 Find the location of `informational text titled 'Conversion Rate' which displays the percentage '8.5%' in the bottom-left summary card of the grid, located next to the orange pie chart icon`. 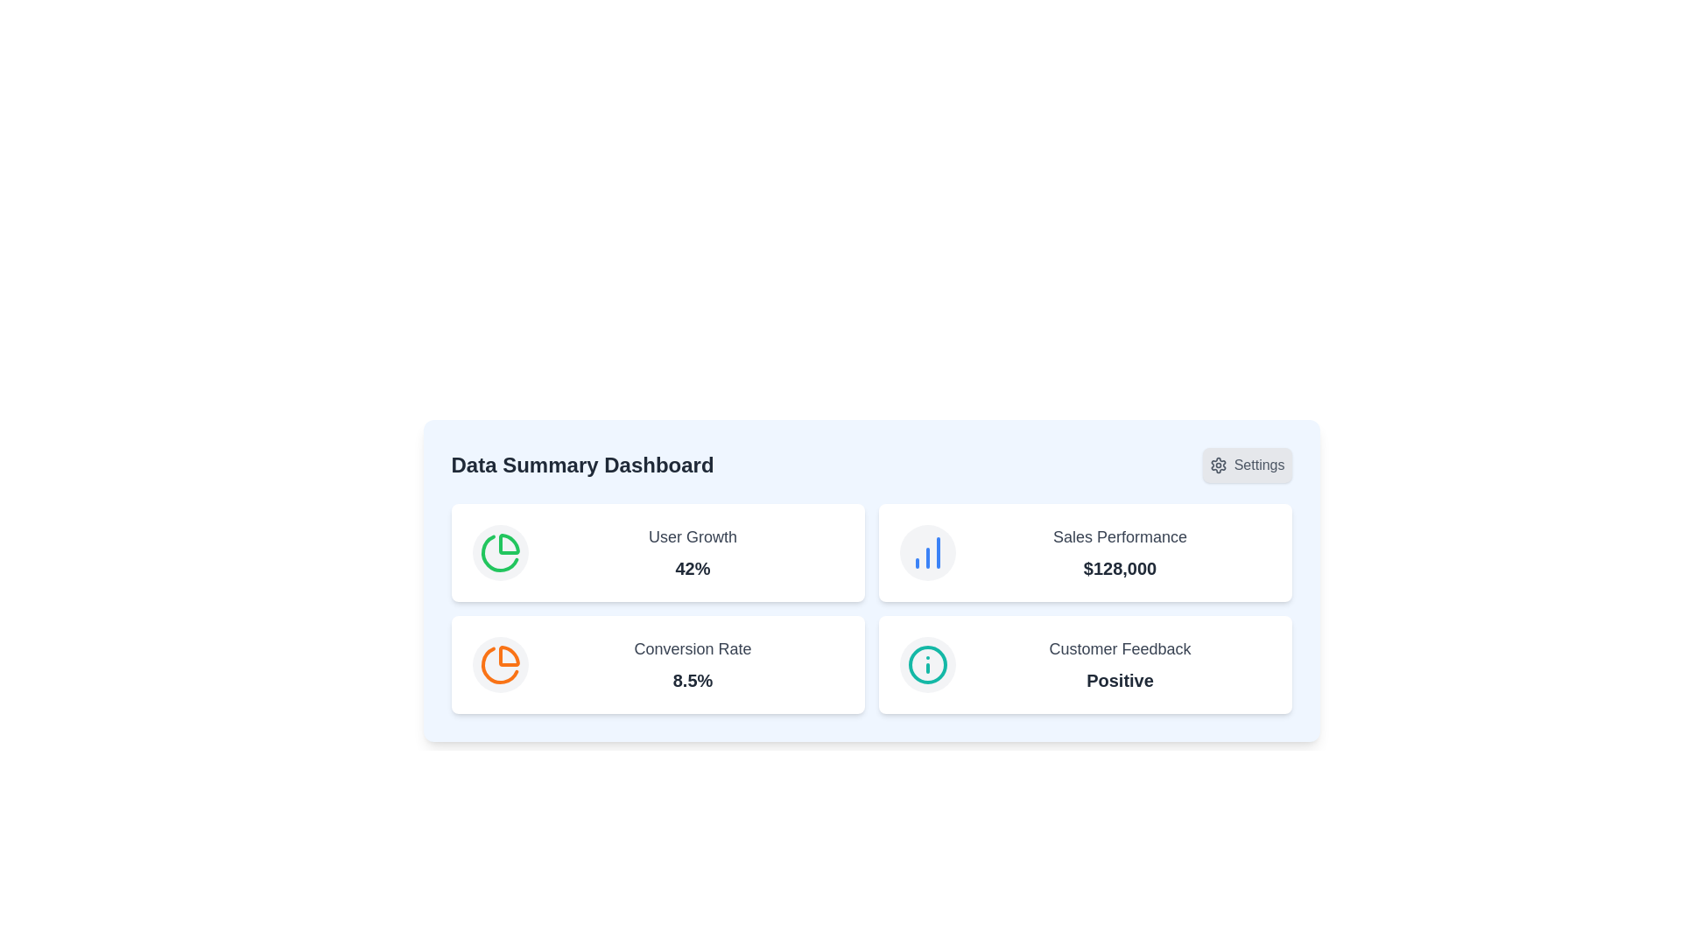

informational text titled 'Conversion Rate' which displays the percentage '8.5%' in the bottom-left summary card of the grid, located next to the orange pie chart icon is located at coordinates (692, 664).